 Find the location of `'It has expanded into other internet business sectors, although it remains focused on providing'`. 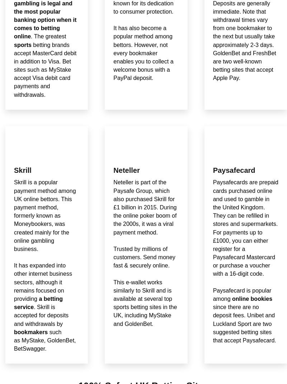

'It has expanded into other internet business sectors, although it remains focused on providing' is located at coordinates (42, 281).